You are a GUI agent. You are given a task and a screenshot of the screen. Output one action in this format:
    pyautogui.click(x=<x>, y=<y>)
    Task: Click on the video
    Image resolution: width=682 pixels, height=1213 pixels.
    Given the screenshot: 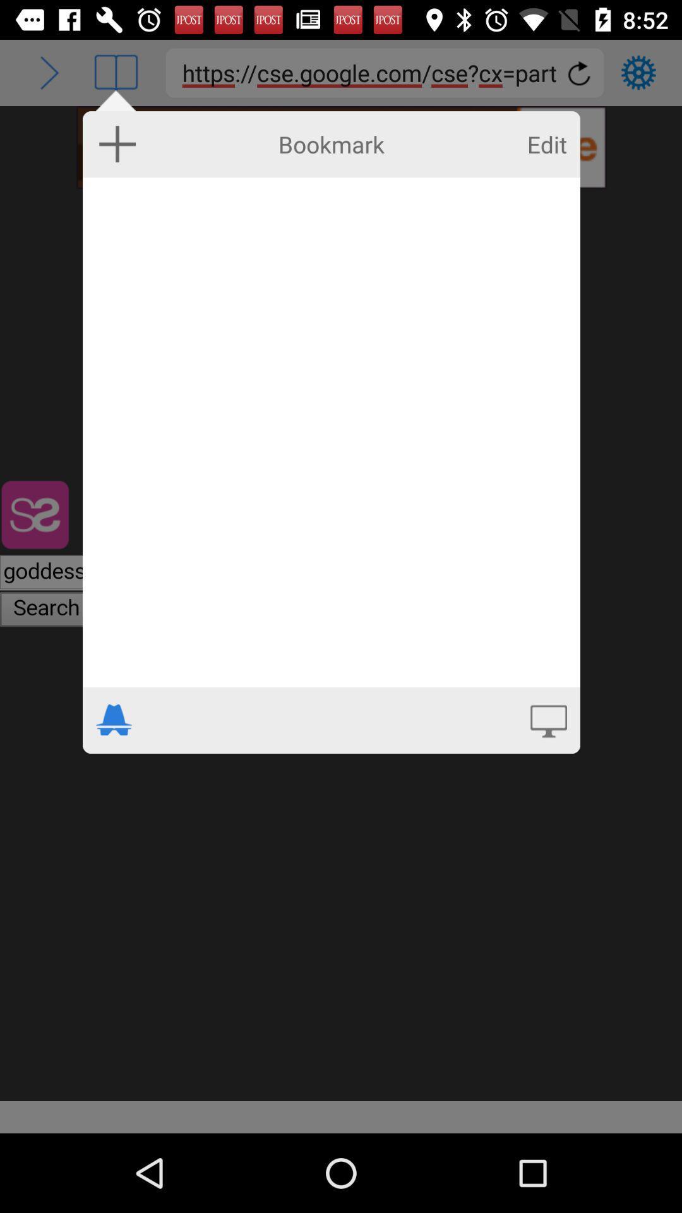 What is the action you would take?
    pyautogui.click(x=547, y=720)
    